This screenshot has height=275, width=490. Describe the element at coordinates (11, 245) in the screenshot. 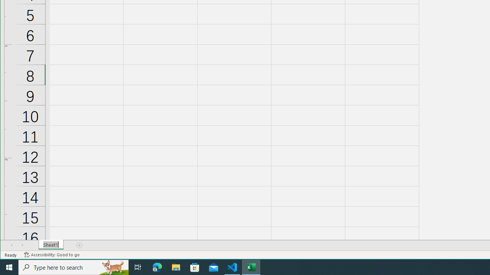

I see `'Scroll Left'` at that location.